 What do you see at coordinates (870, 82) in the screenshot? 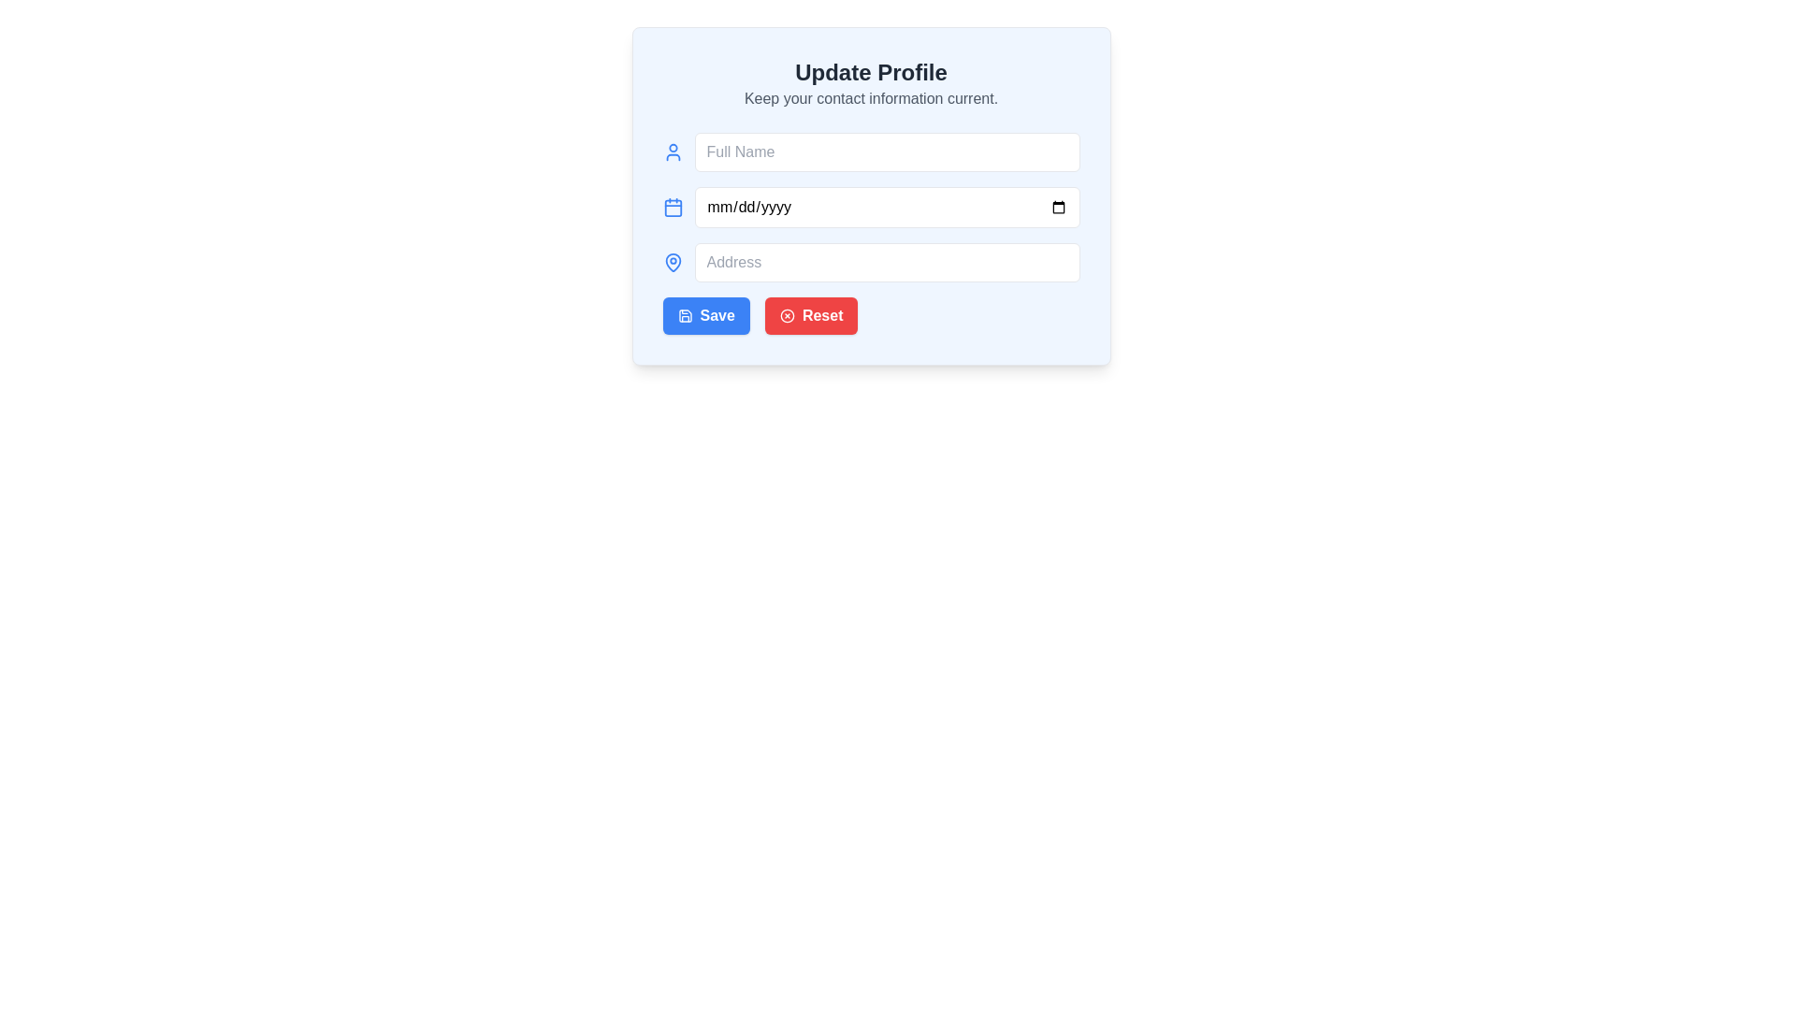
I see `the informational header text for the profile update section, which is positioned at the top center of the profile update form, providing context and instruction for user actions` at bounding box center [870, 82].